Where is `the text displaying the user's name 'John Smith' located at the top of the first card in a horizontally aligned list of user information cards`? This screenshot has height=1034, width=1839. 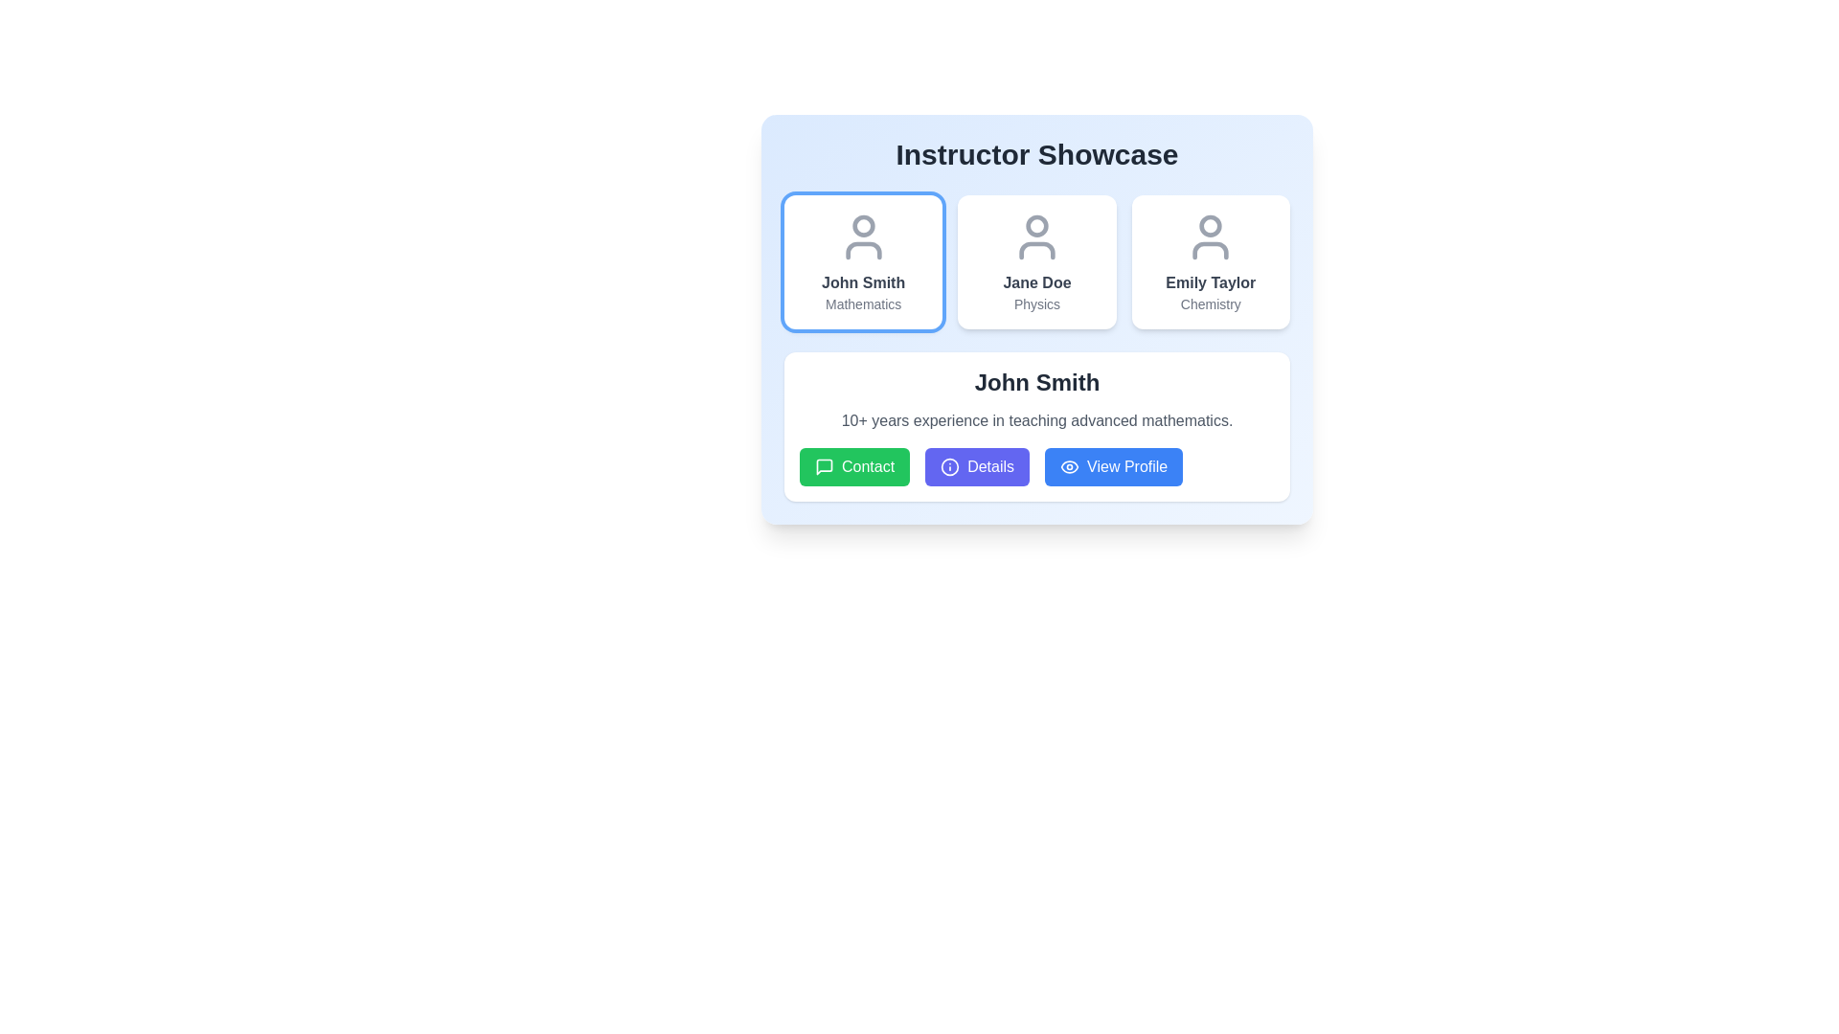
the text displaying the user's name 'John Smith' located at the top of the first card in a horizontally aligned list of user information cards is located at coordinates (862, 283).